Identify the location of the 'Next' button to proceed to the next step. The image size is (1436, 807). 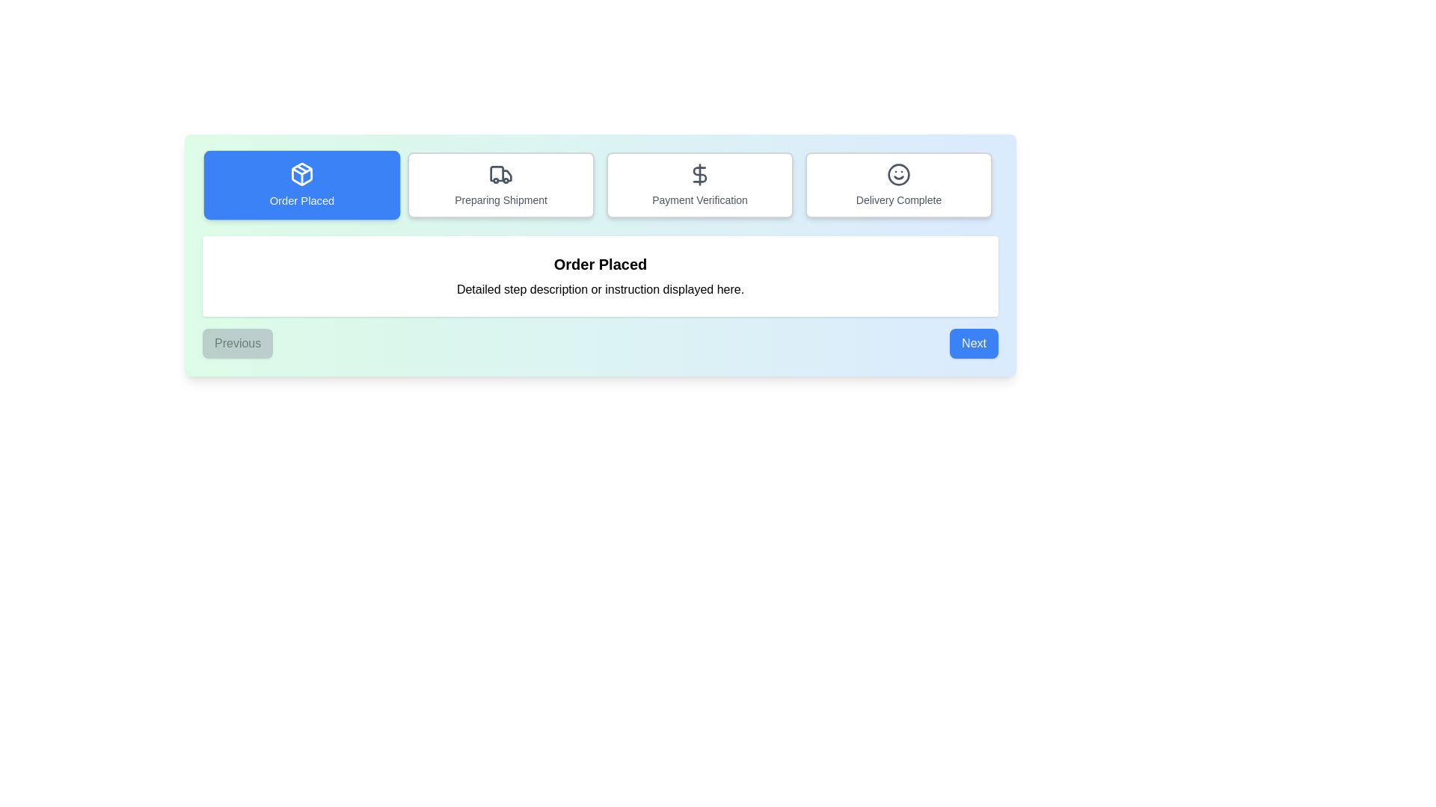
(973, 343).